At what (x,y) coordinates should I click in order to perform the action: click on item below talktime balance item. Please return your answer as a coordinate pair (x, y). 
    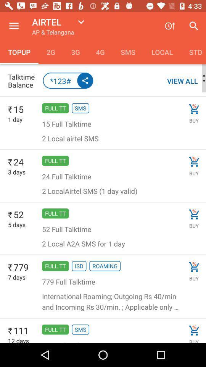
    Looking at the image, I should click on (103, 96).